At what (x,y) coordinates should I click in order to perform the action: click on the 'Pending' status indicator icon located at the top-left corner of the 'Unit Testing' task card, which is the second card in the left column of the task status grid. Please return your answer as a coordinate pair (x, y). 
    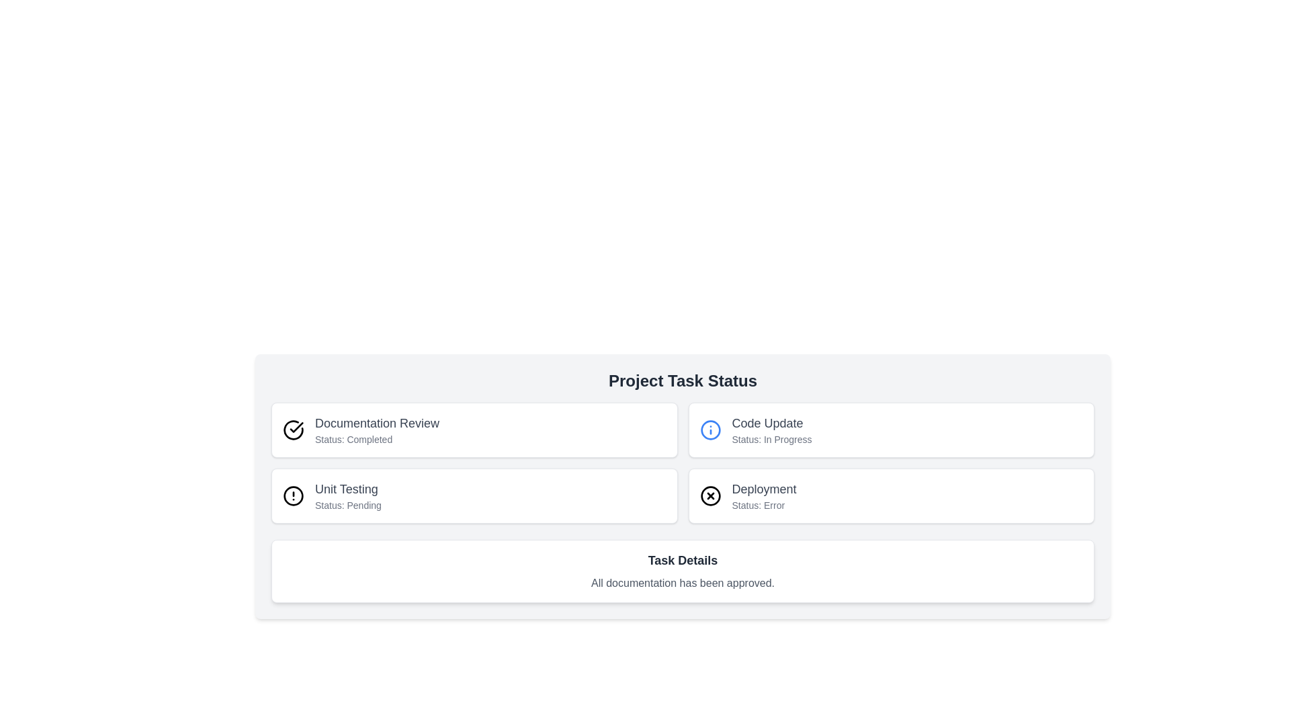
    Looking at the image, I should click on (292, 495).